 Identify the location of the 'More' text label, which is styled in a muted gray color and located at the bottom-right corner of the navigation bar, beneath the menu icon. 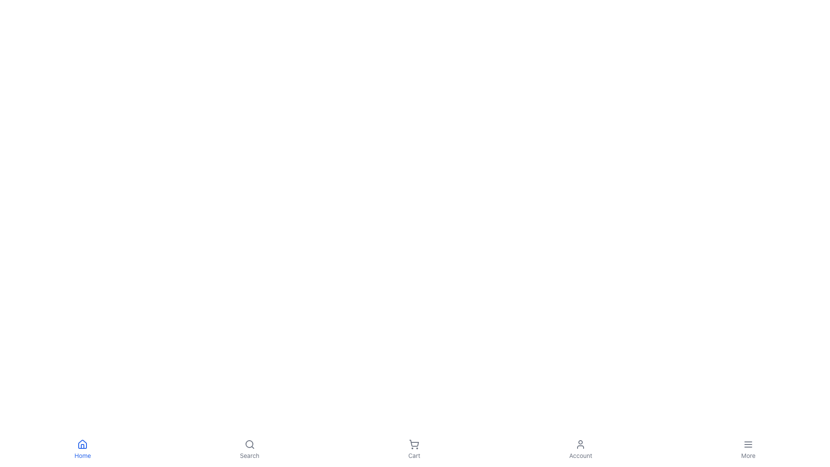
(748, 455).